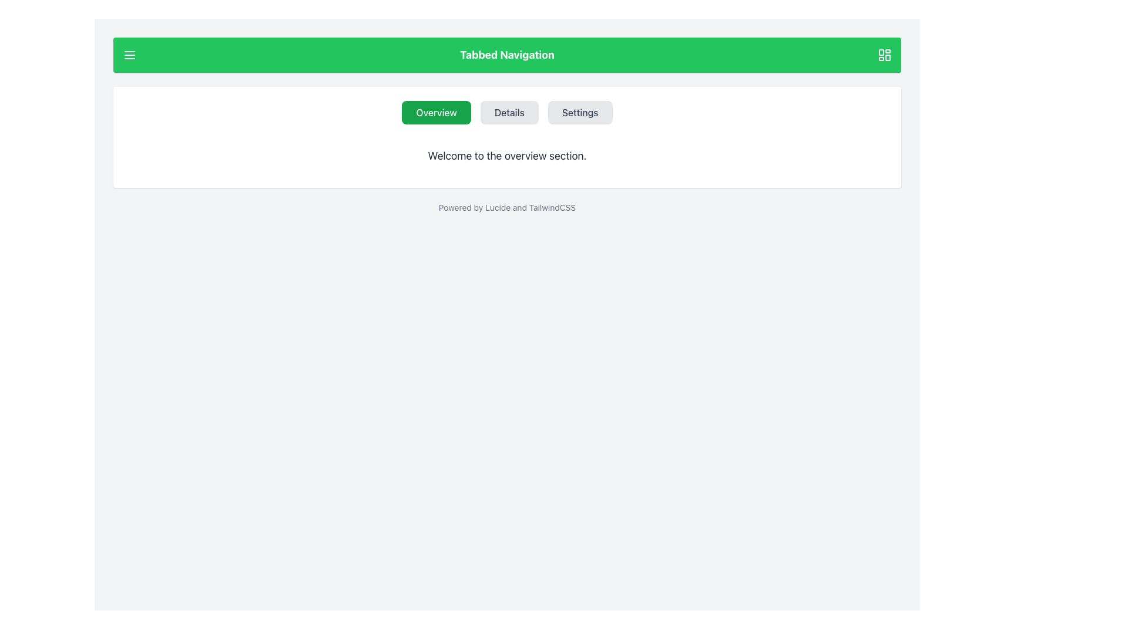 The width and height of the screenshot is (1128, 634). What do you see at coordinates (507, 156) in the screenshot?
I see `the non-interactive informational header located centrally beneath the 'Tabbed Navigation' bar, which greets the user and indicates the current section of the application` at bounding box center [507, 156].